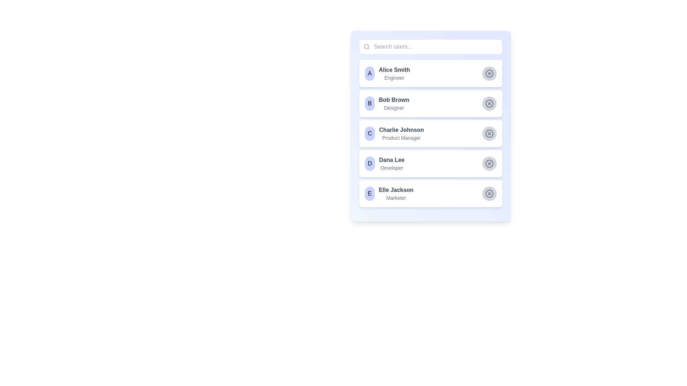  I want to click on the state of the SVG circle element that indicates the 'remove' functionality next to 'Elle Jackson's entry in the user list, so click(489, 194).